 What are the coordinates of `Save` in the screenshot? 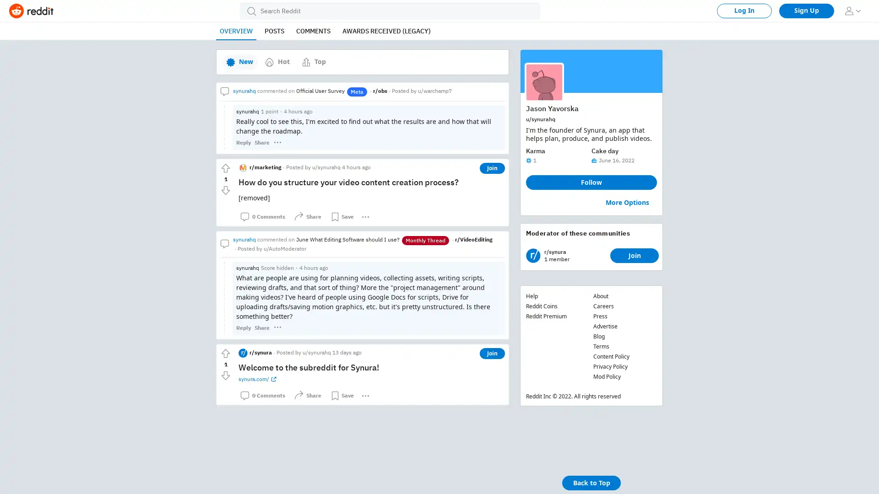 It's located at (342, 217).